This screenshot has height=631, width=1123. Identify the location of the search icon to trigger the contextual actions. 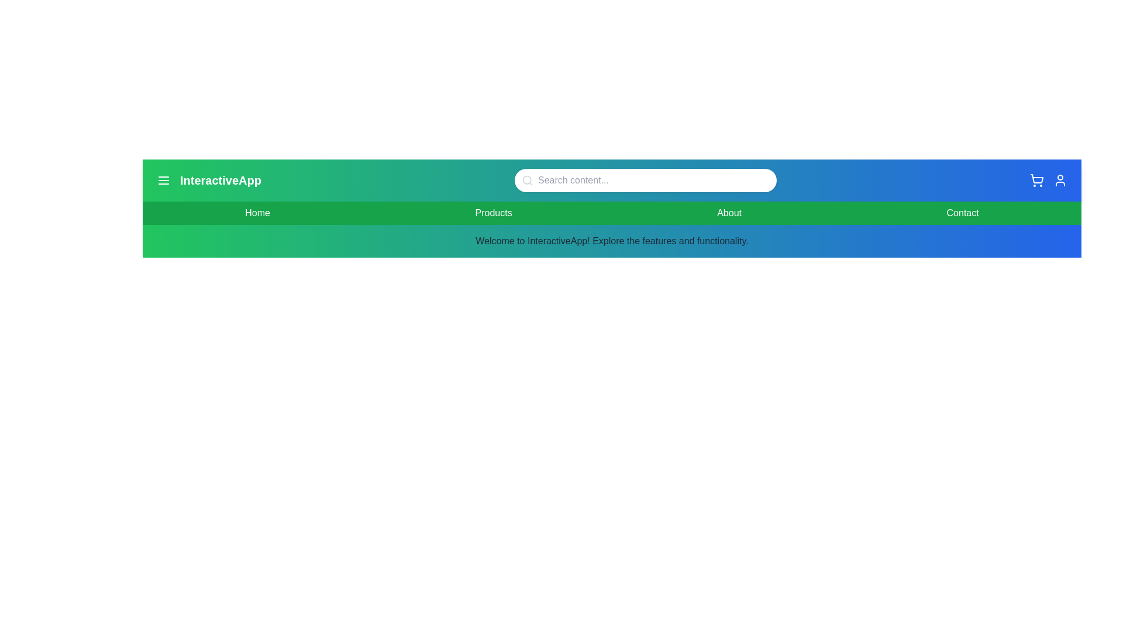
(527, 180).